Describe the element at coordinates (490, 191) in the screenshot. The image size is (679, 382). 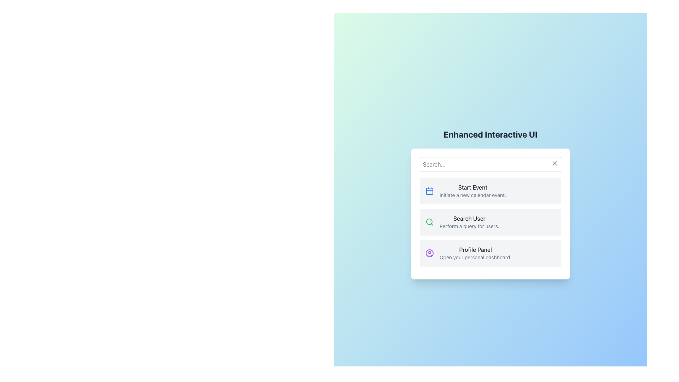
I see `the 'Start Event' button, which is a rounded button with a light gray background, a blue calendar icon on the left, and bold text indicating 'Start Event' on the right` at that location.